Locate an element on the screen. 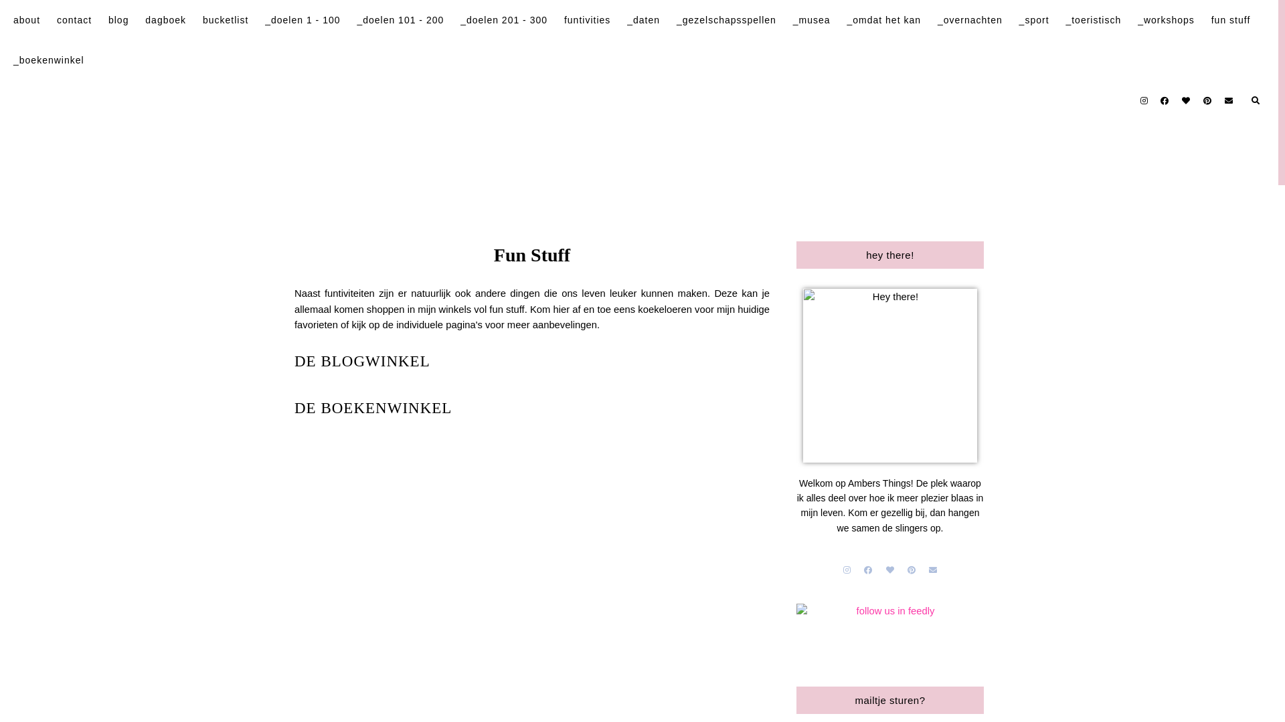 The width and height of the screenshot is (1285, 722). 'contact' is located at coordinates (73, 20).